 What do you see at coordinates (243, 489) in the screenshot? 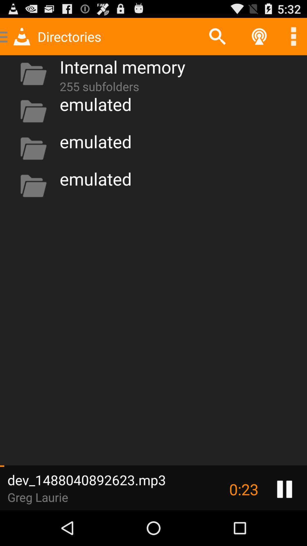
I see `the item to the right of the dev_1488040892623.mp3` at bounding box center [243, 489].